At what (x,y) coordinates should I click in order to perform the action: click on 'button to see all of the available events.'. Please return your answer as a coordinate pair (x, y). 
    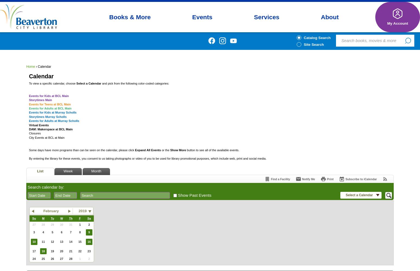
    Looking at the image, I should click on (212, 150).